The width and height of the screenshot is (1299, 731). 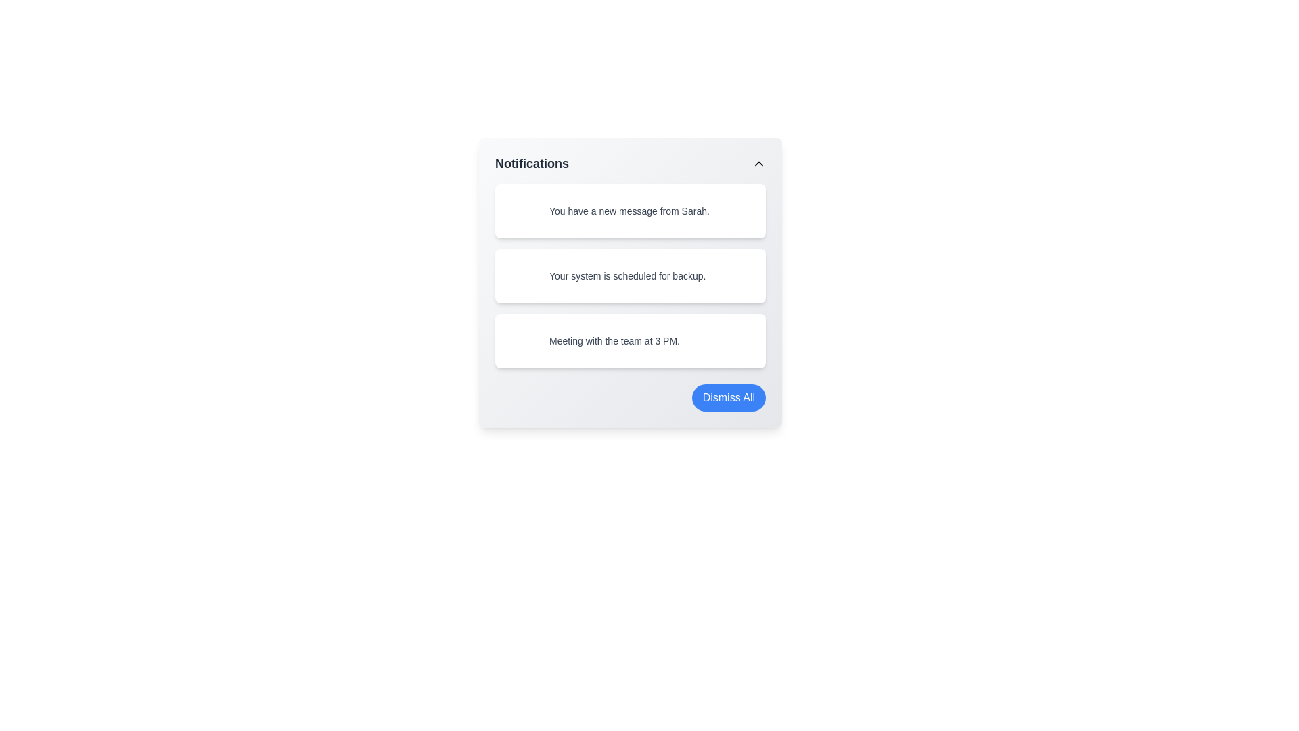 What do you see at coordinates (626, 275) in the screenshot?
I see `the text label that displays the notification message about the system's backup schedule, located in the middle notification card of a vertically stacked list` at bounding box center [626, 275].